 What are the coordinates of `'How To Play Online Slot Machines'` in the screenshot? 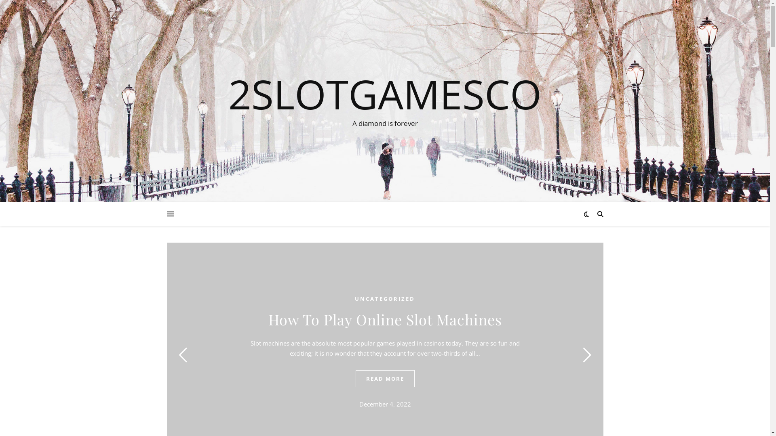 It's located at (385, 319).